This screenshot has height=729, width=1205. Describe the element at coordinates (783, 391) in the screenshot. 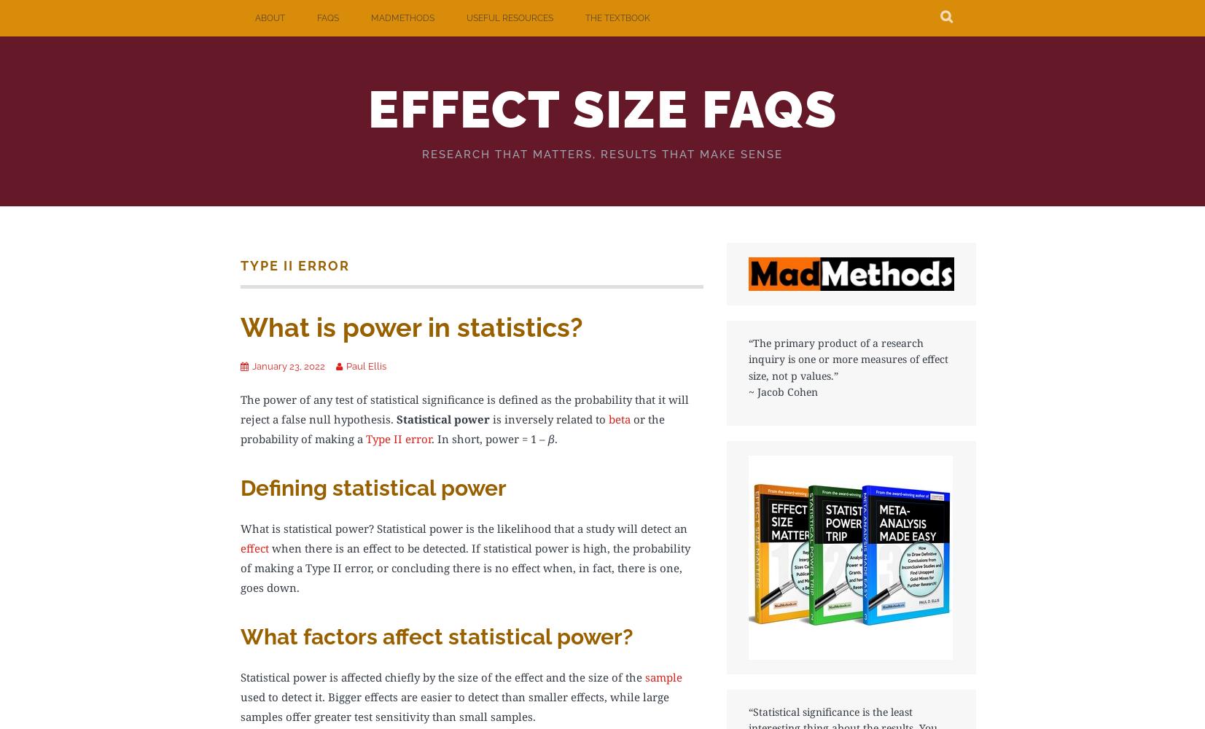

I see `'~ Jacob Cohen'` at that location.